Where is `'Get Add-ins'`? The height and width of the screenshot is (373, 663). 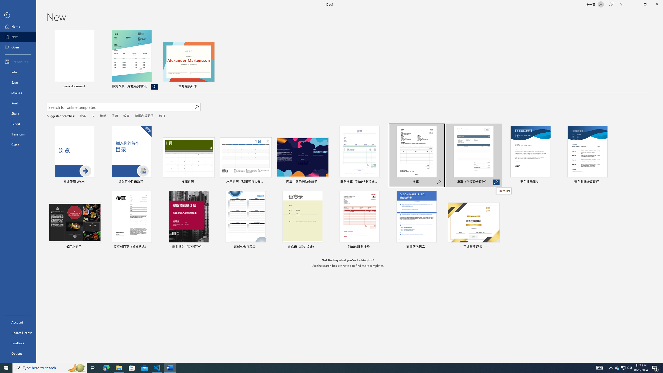
'Get Add-ins' is located at coordinates (18, 61).